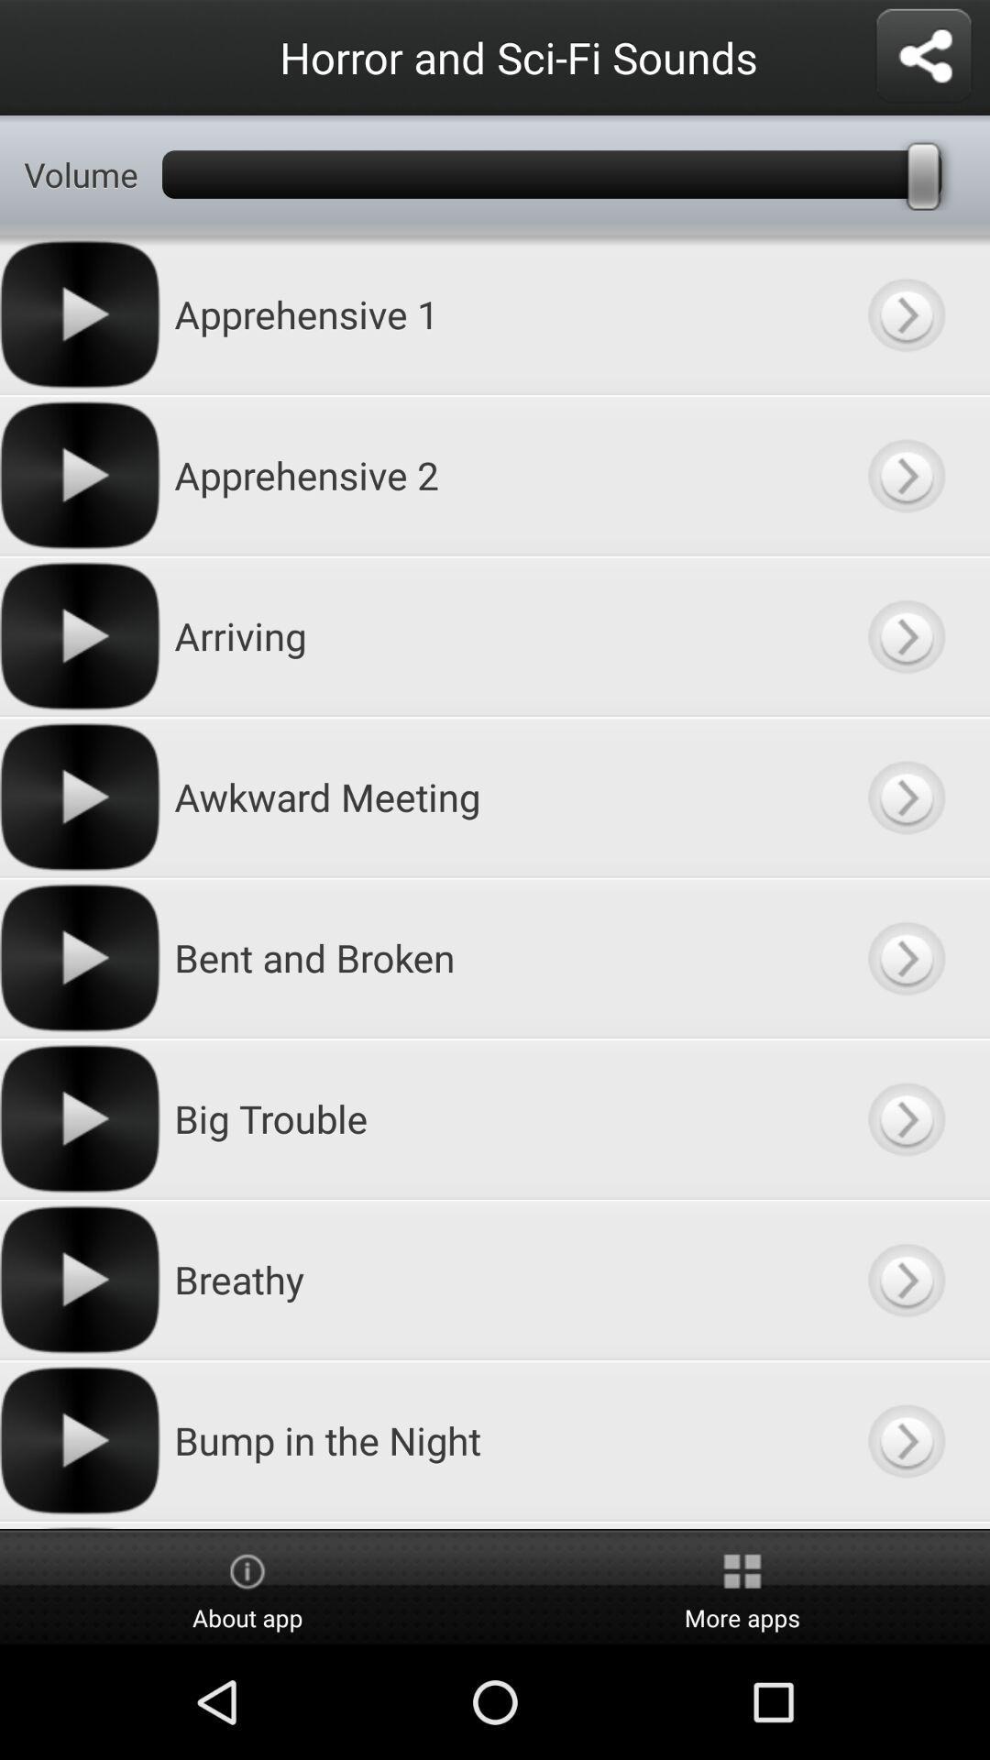  What do you see at coordinates (905, 1524) in the screenshot?
I see `scroll right` at bounding box center [905, 1524].